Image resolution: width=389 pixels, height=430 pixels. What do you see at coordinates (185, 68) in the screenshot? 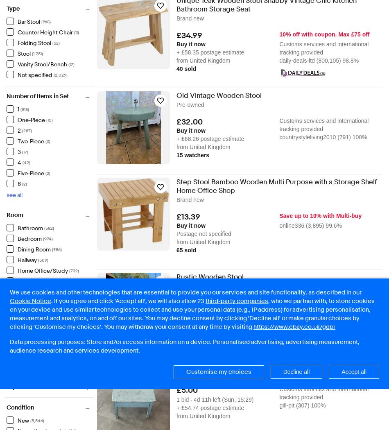
I see `'40 sold'` at bounding box center [185, 68].